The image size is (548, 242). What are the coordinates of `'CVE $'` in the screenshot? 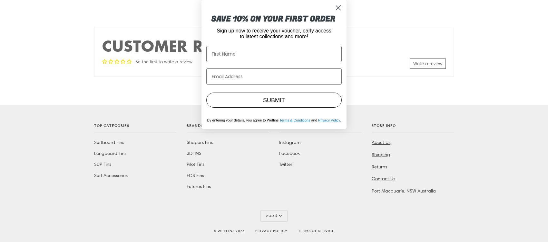 It's located at (270, 77).